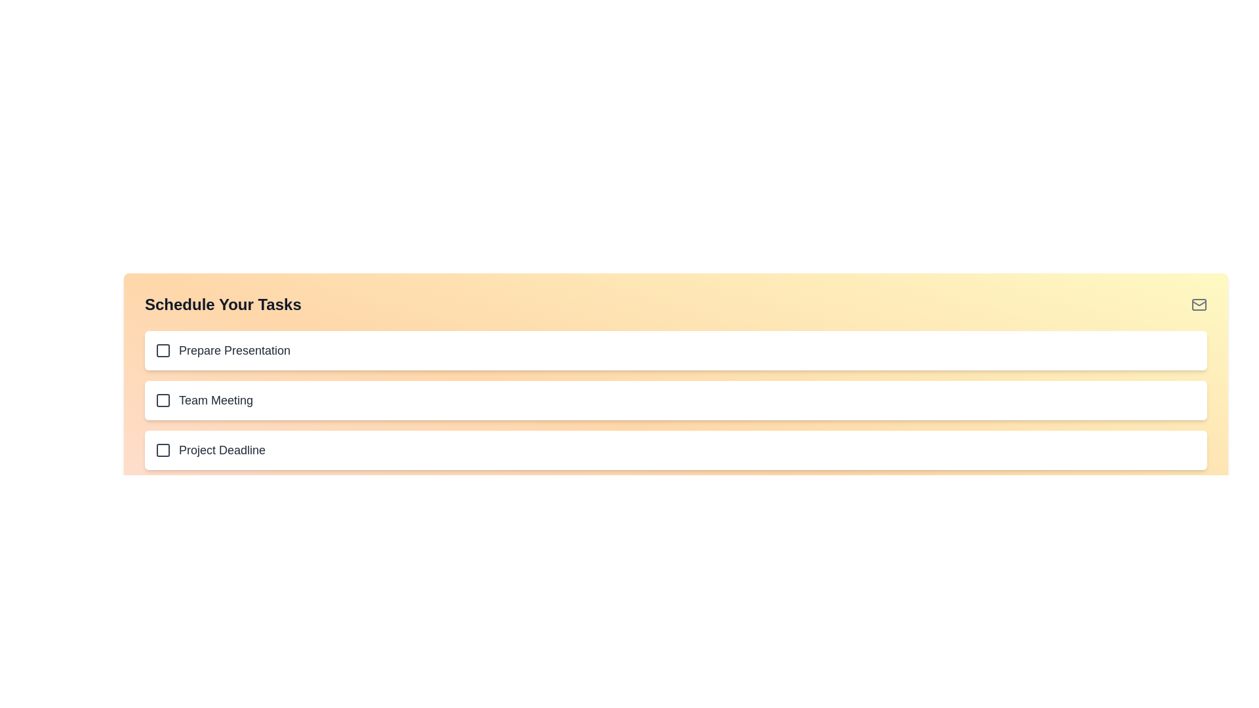 The image size is (1259, 708). I want to click on the checkbox indicator for the 'Team Meeting' item in the vertical task list titled 'Schedule Your Tasks', so click(163, 399).